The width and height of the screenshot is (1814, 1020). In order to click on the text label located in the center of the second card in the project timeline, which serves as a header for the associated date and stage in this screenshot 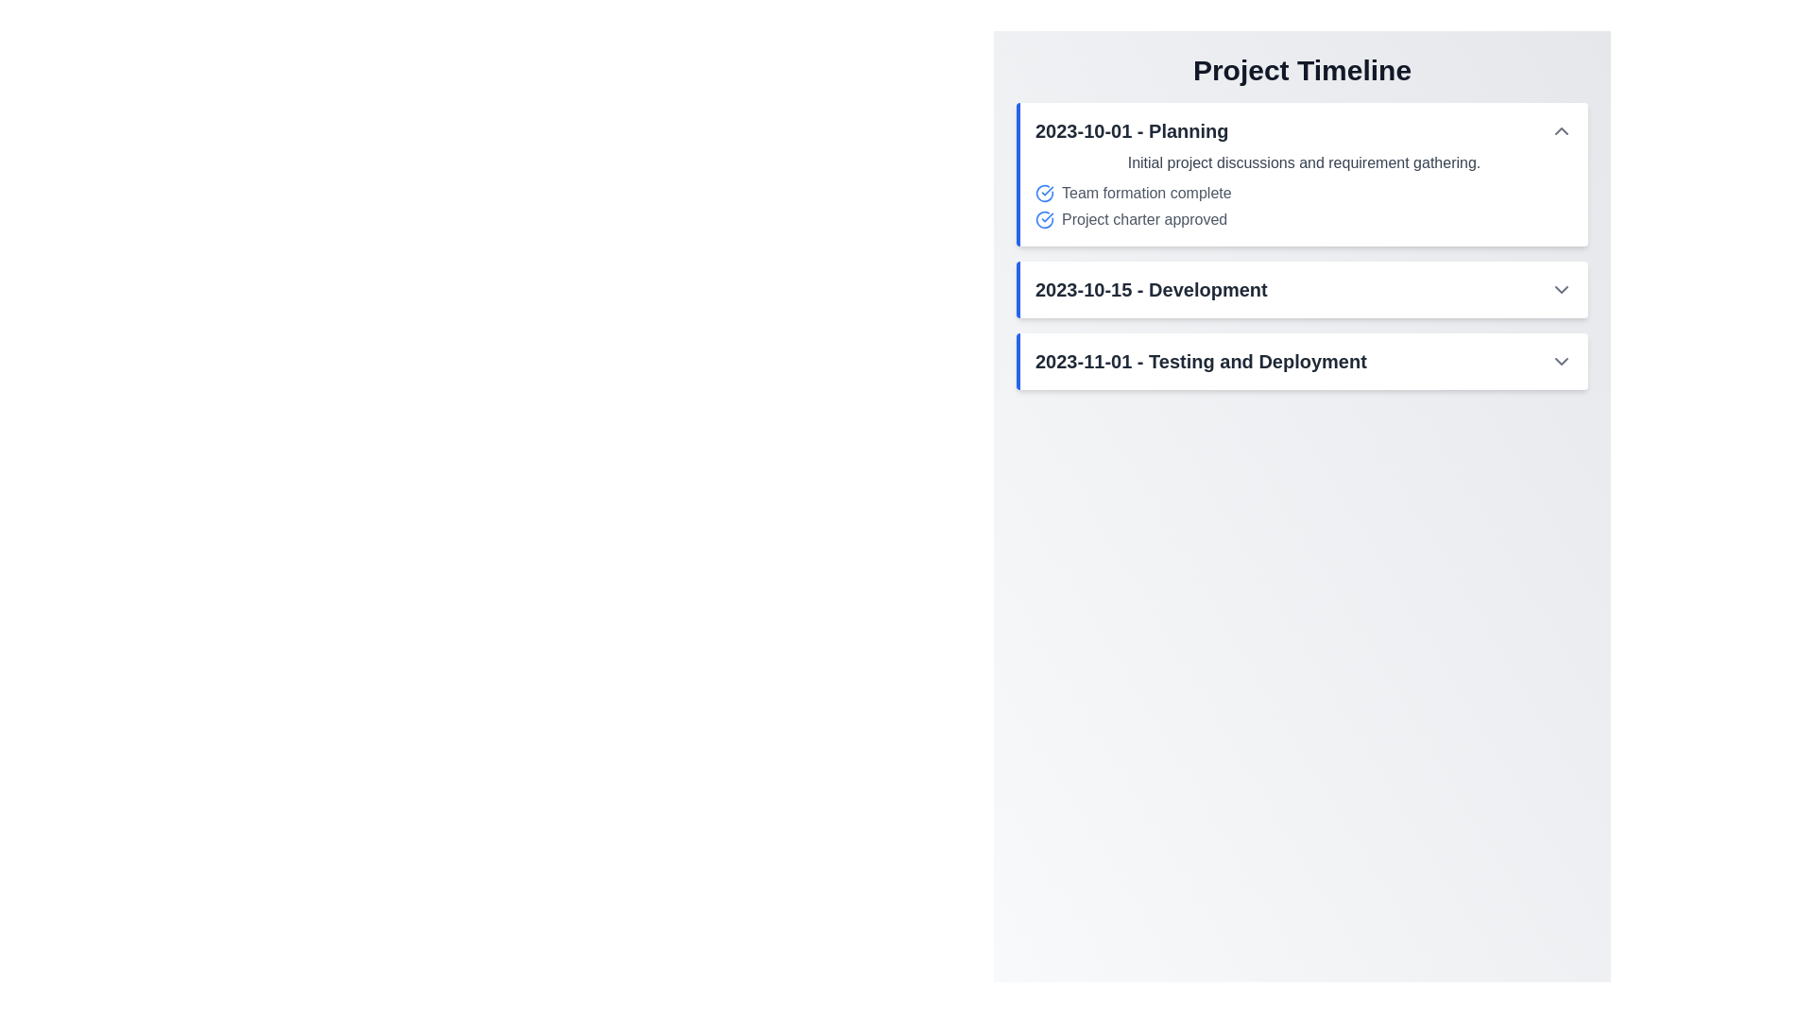, I will do `click(1150, 290)`.